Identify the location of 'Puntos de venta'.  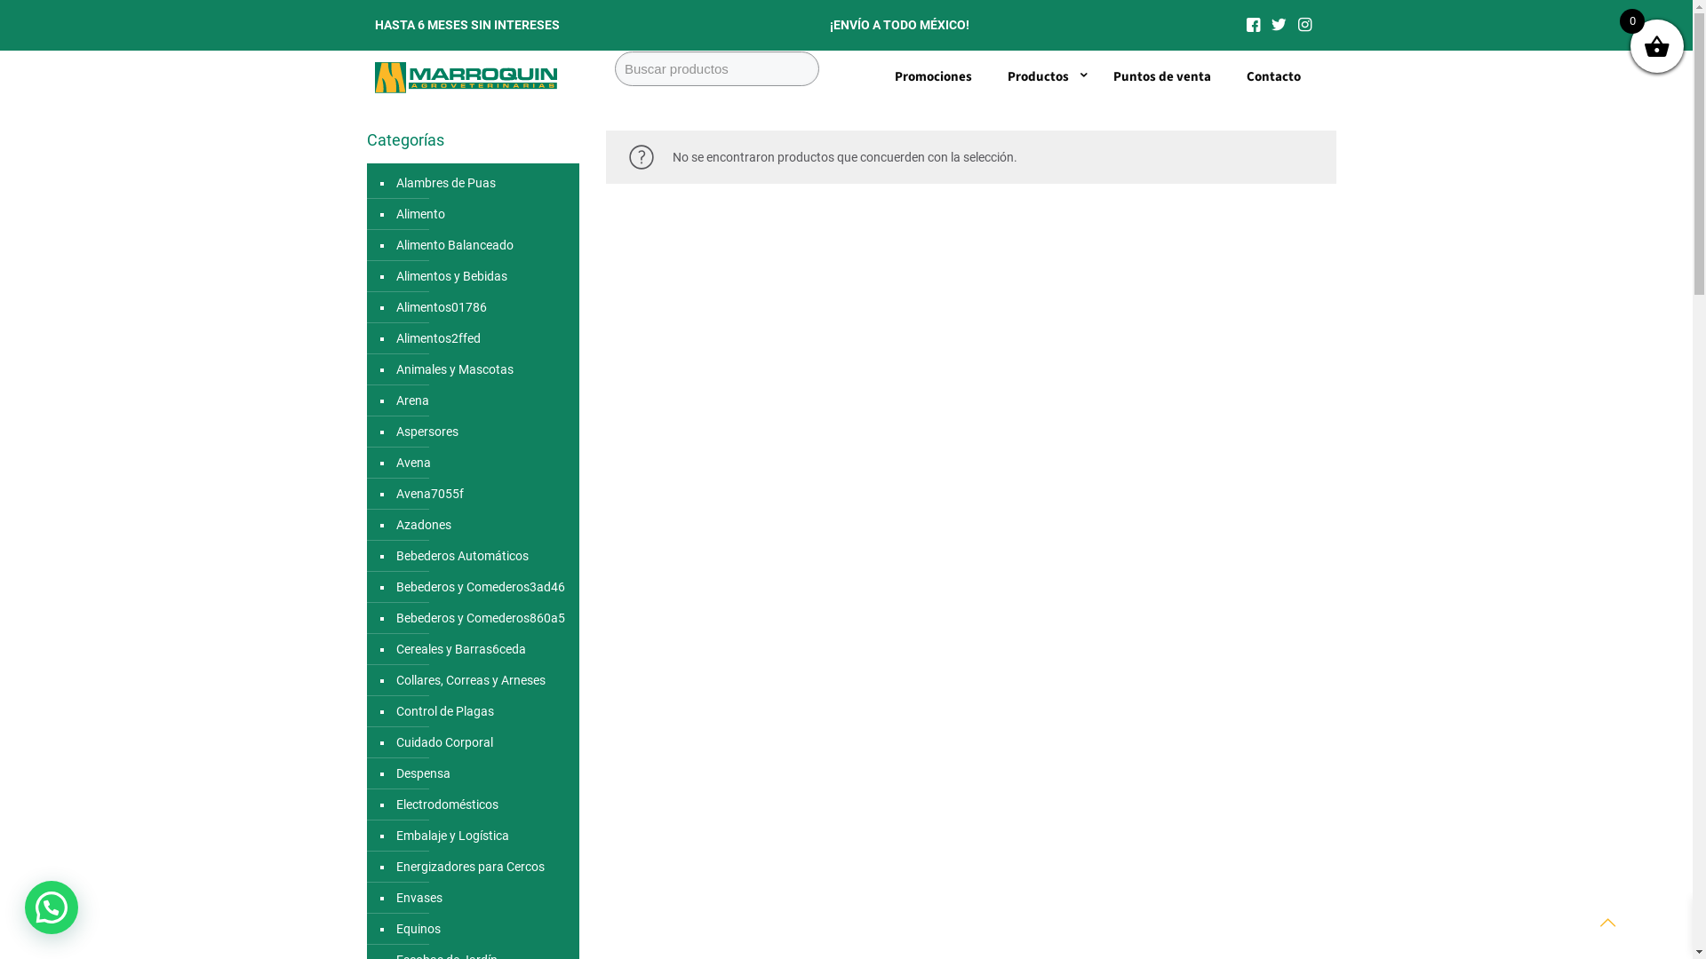
(1160, 76).